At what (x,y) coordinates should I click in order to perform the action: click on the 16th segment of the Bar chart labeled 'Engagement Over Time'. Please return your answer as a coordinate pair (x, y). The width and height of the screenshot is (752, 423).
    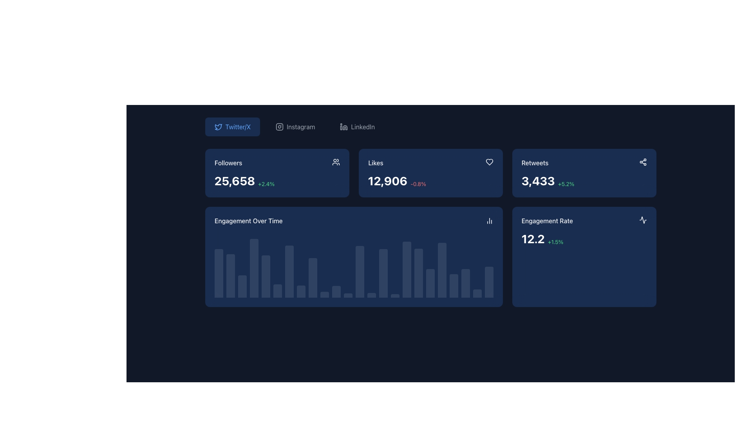
    Looking at the image, I should click on (395, 296).